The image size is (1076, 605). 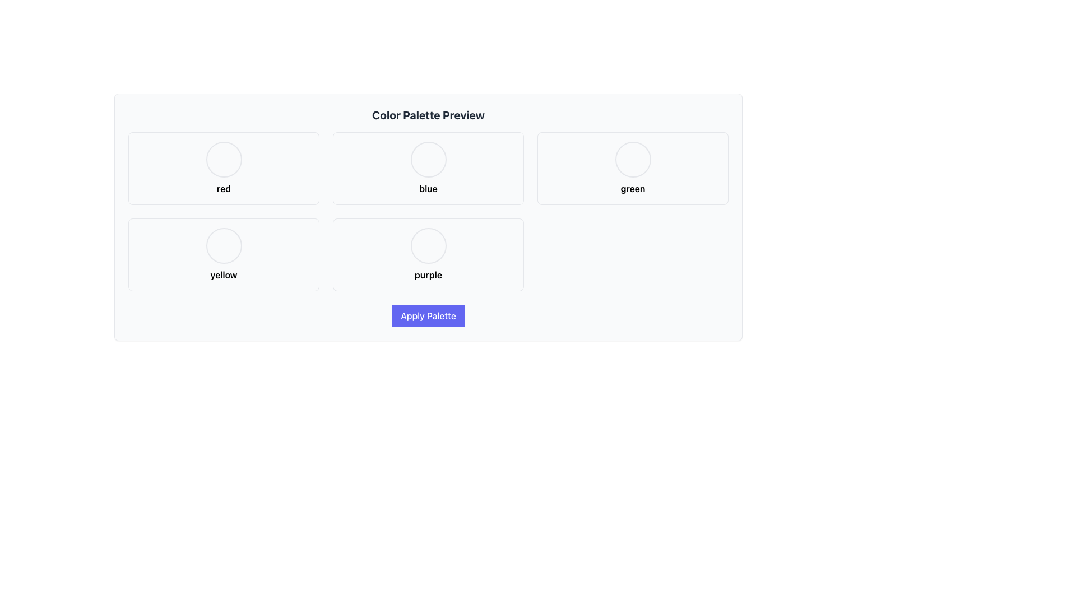 I want to click on text of the Text Label that indicates the associated color (purple) of the card it is contained in, located in the second row of the color palette grid, so click(x=428, y=274).